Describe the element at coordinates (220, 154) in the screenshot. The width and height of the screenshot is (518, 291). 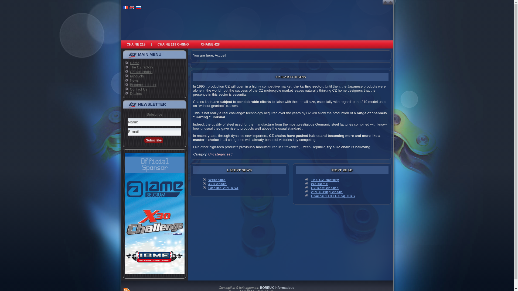
I see `'Uncategorised'` at that location.